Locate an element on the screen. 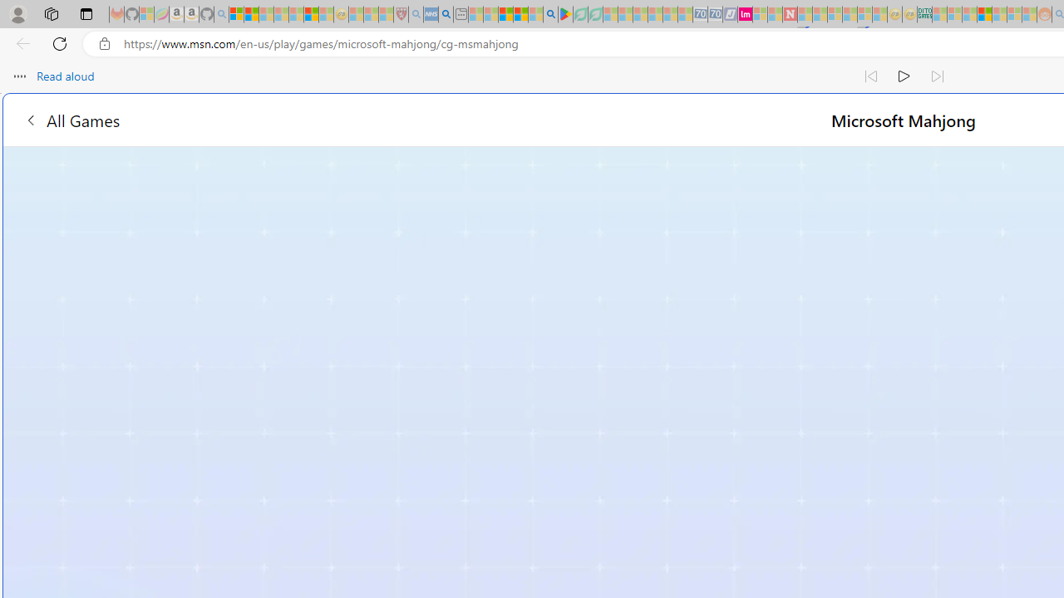  'Expert Portfolios' is located at coordinates (984, 14).